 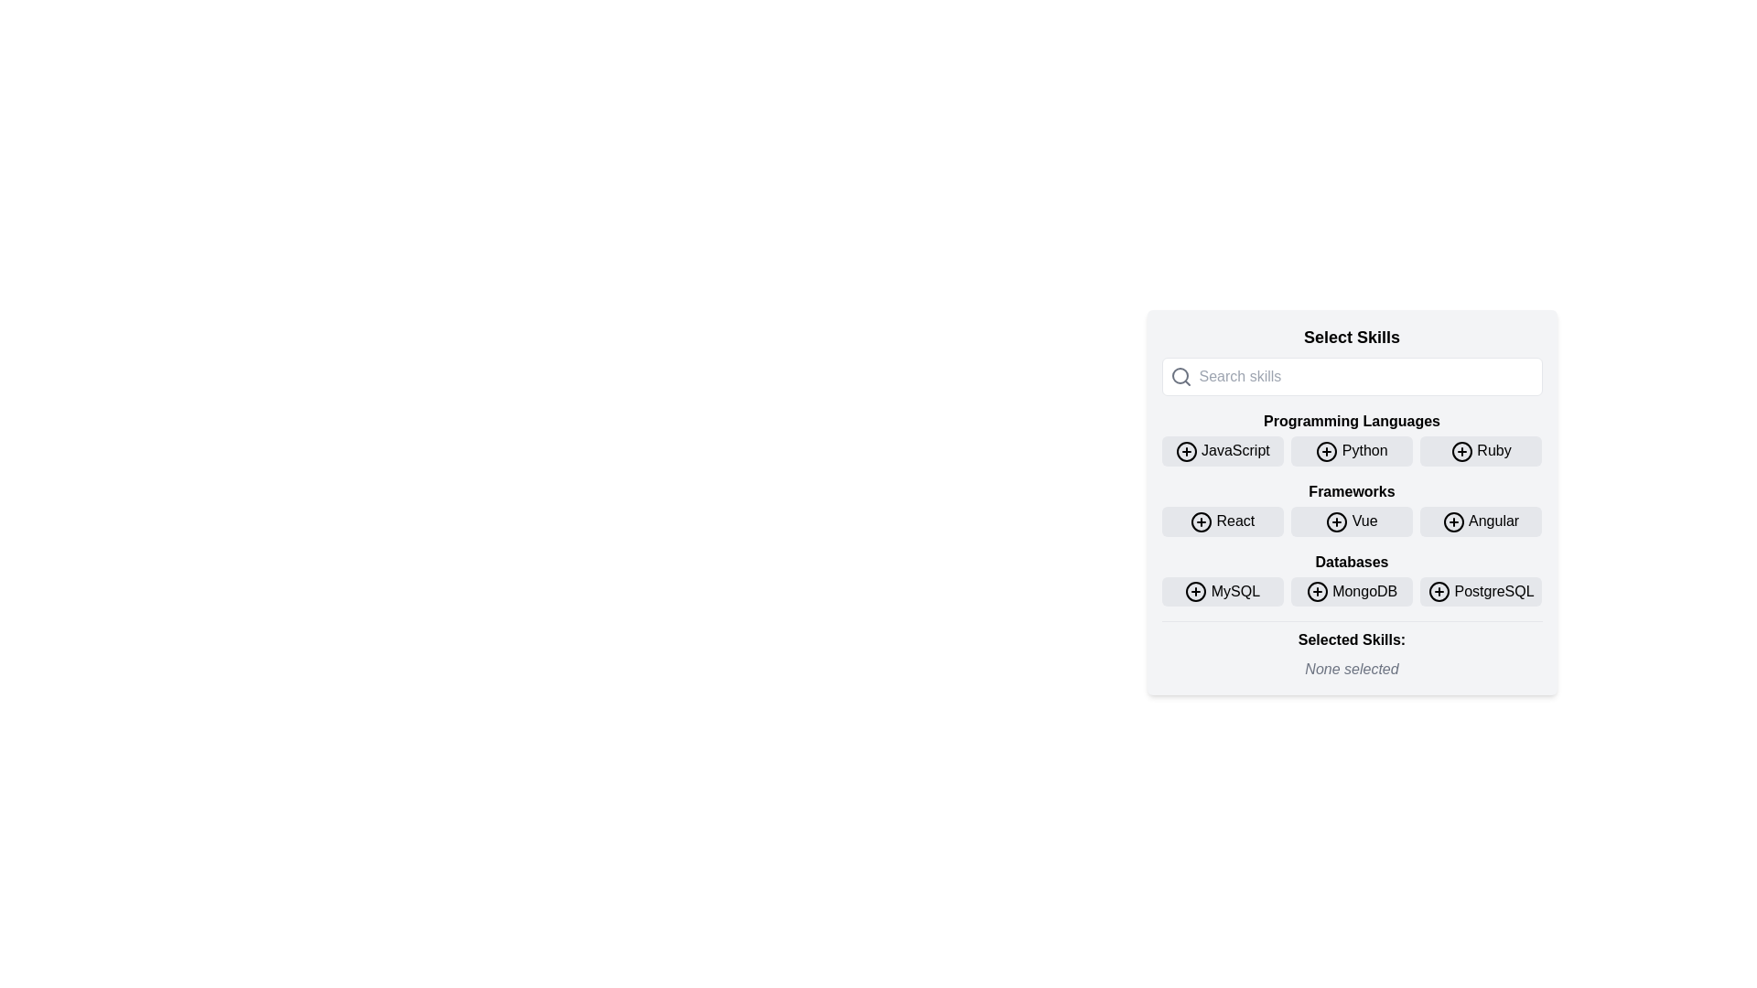 I want to click on the circular button with a '+' symbol in the center, so click(x=1316, y=592).